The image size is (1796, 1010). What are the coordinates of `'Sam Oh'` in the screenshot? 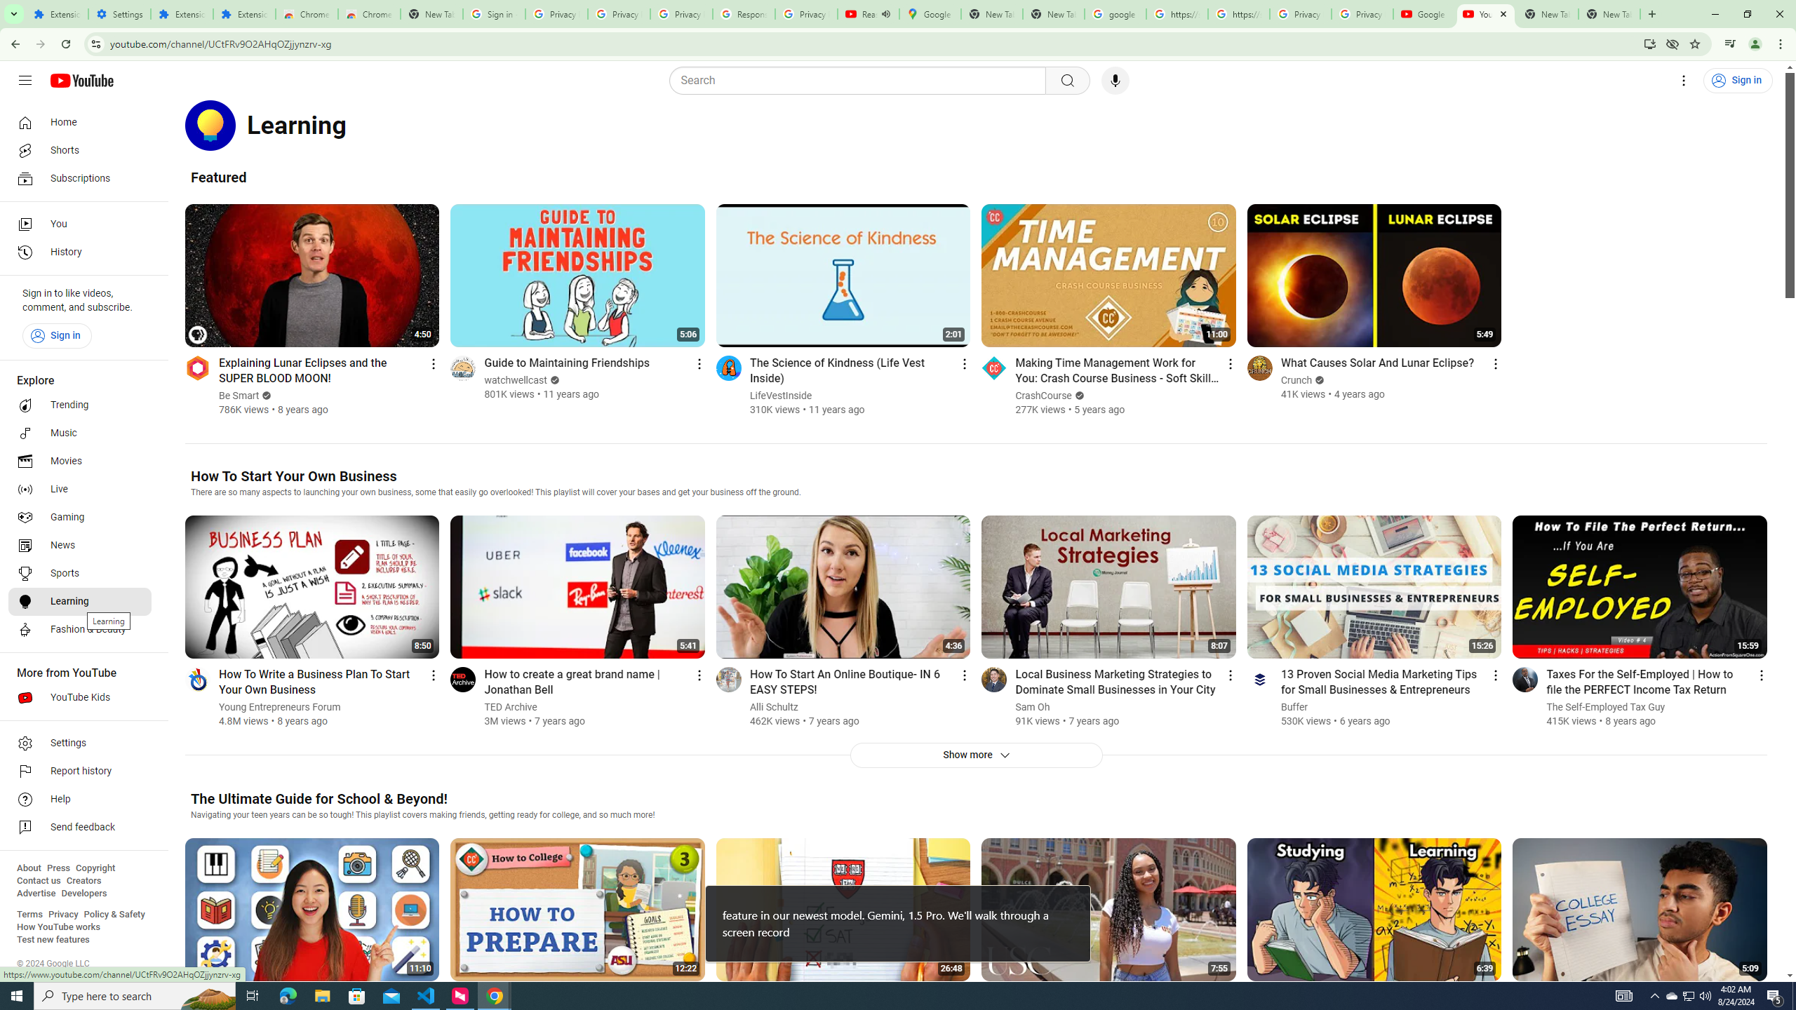 It's located at (1032, 706).